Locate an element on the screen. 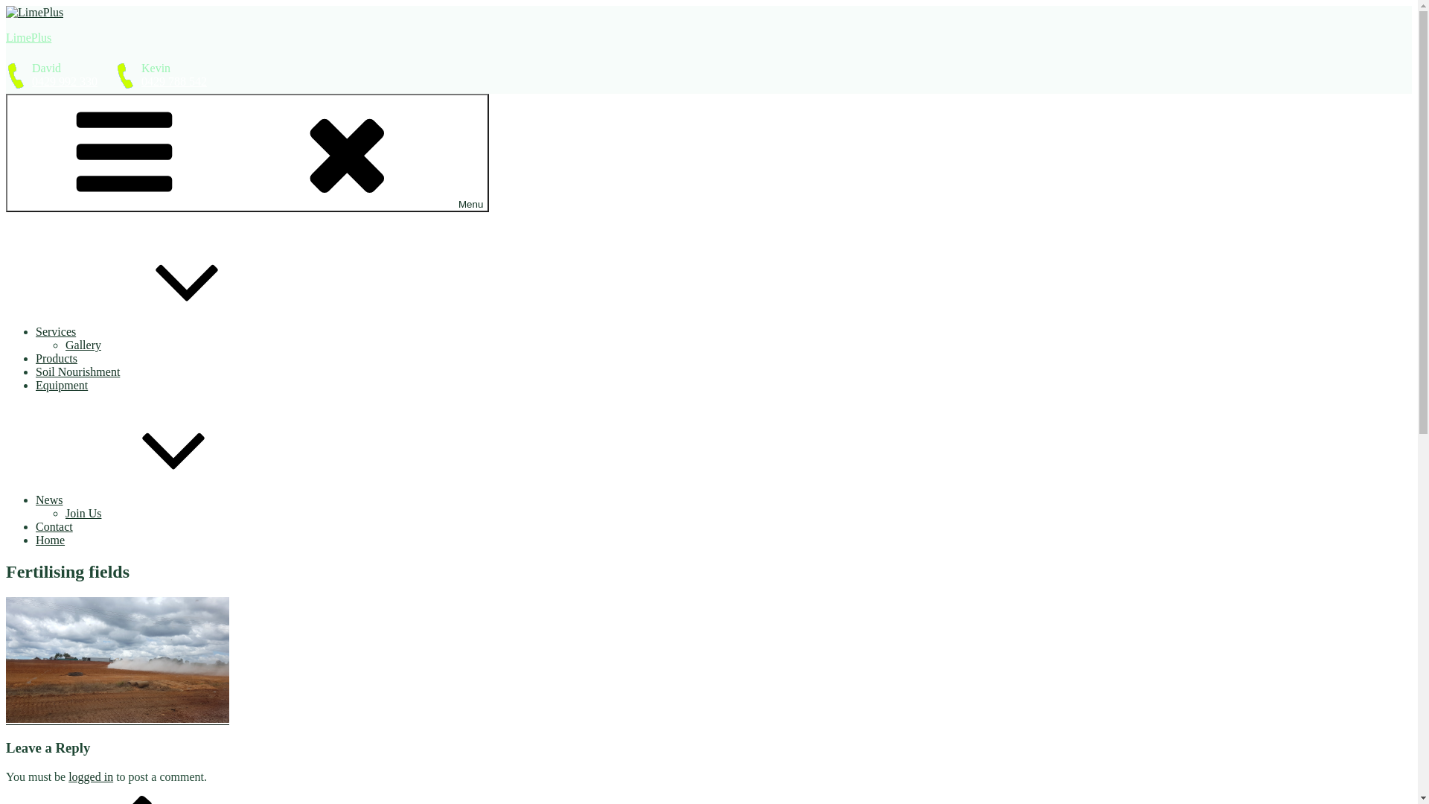 The width and height of the screenshot is (1429, 804). 'Contact' is located at coordinates (54, 526).